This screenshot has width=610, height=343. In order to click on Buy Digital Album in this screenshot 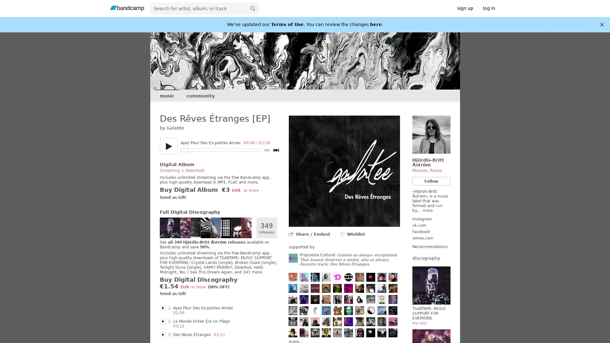, I will do `click(188, 189)`.